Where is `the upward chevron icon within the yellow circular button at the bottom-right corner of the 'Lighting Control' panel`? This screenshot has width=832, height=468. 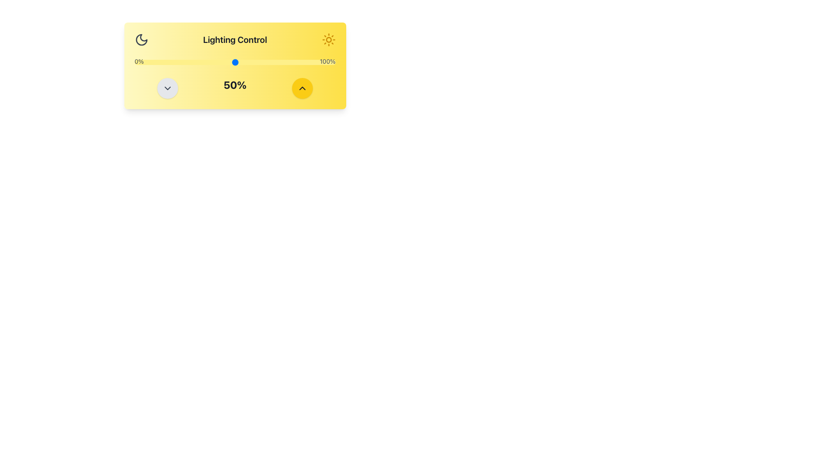
the upward chevron icon within the yellow circular button at the bottom-right corner of the 'Lighting Control' panel is located at coordinates (302, 88).